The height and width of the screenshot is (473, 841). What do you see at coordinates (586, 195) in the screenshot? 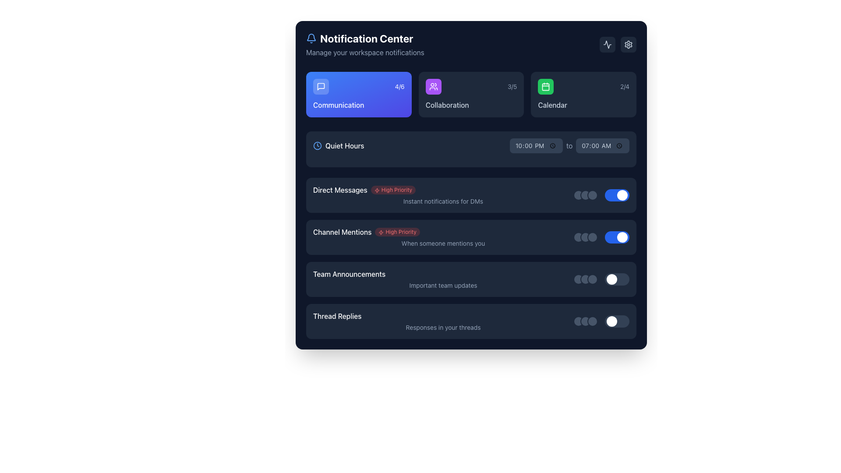
I see `the second circular indicator in the toggle switch section for 'Direct Messages', which has a dark slate background and a rounded border` at bounding box center [586, 195].